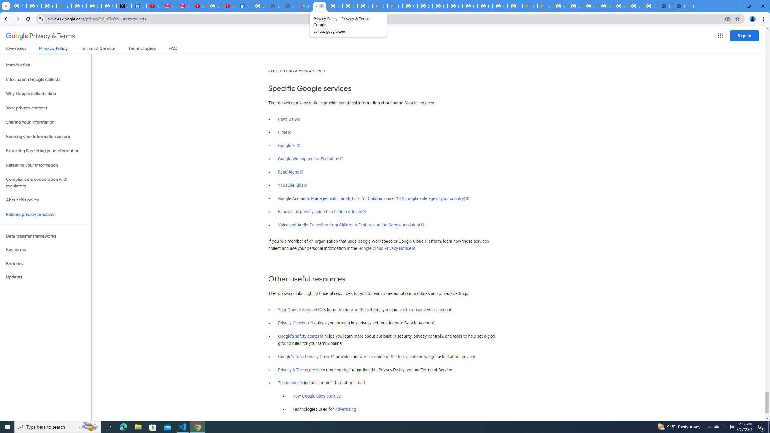 This screenshot has width=770, height=433. Describe the element at coordinates (680, 6) in the screenshot. I see `'New Tab'` at that location.